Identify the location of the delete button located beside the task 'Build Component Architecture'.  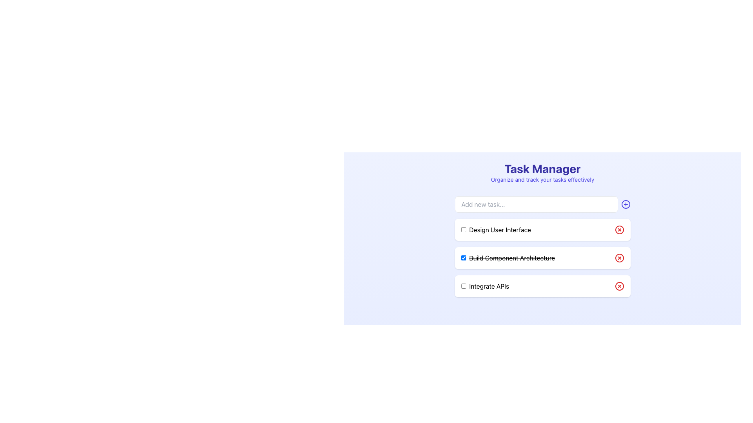
(619, 258).